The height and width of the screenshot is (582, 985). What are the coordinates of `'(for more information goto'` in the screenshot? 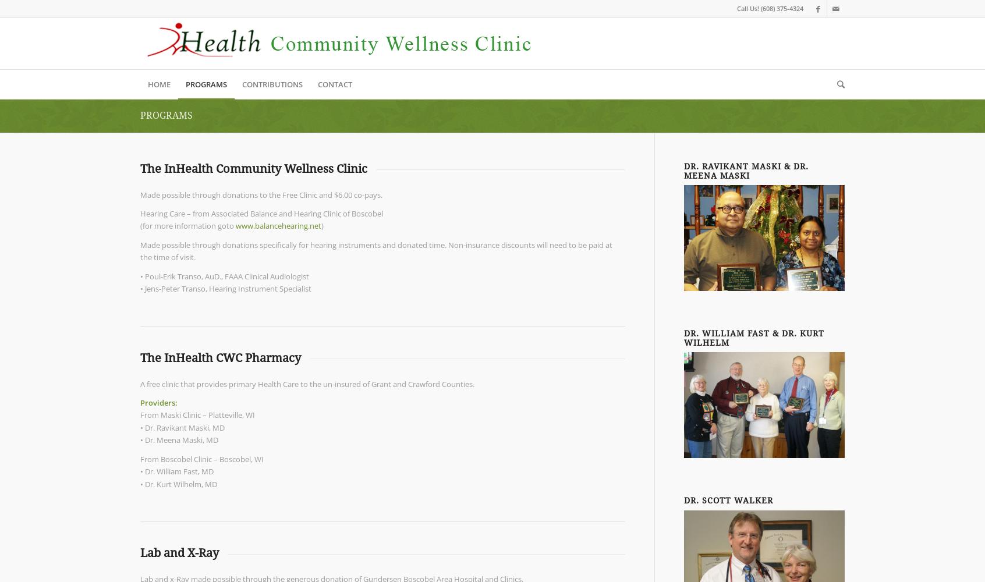 It's located at (187, 226).